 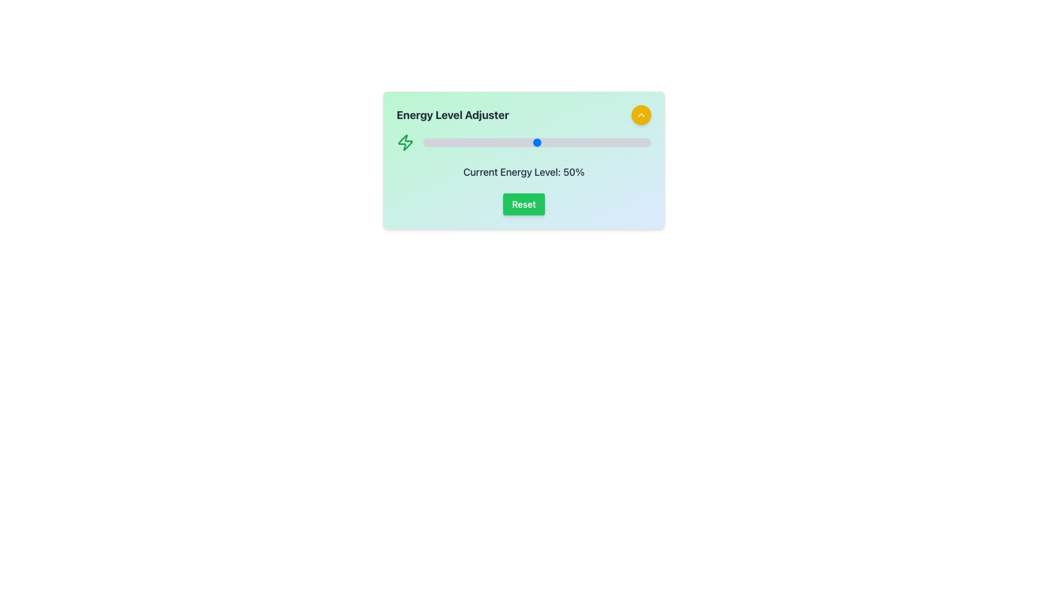 I want to click on the green 'Reset' button with rounded corners that is centrally positioned beneath the 'Current Energy Level: 50%' text, so click(x=523, y=204).